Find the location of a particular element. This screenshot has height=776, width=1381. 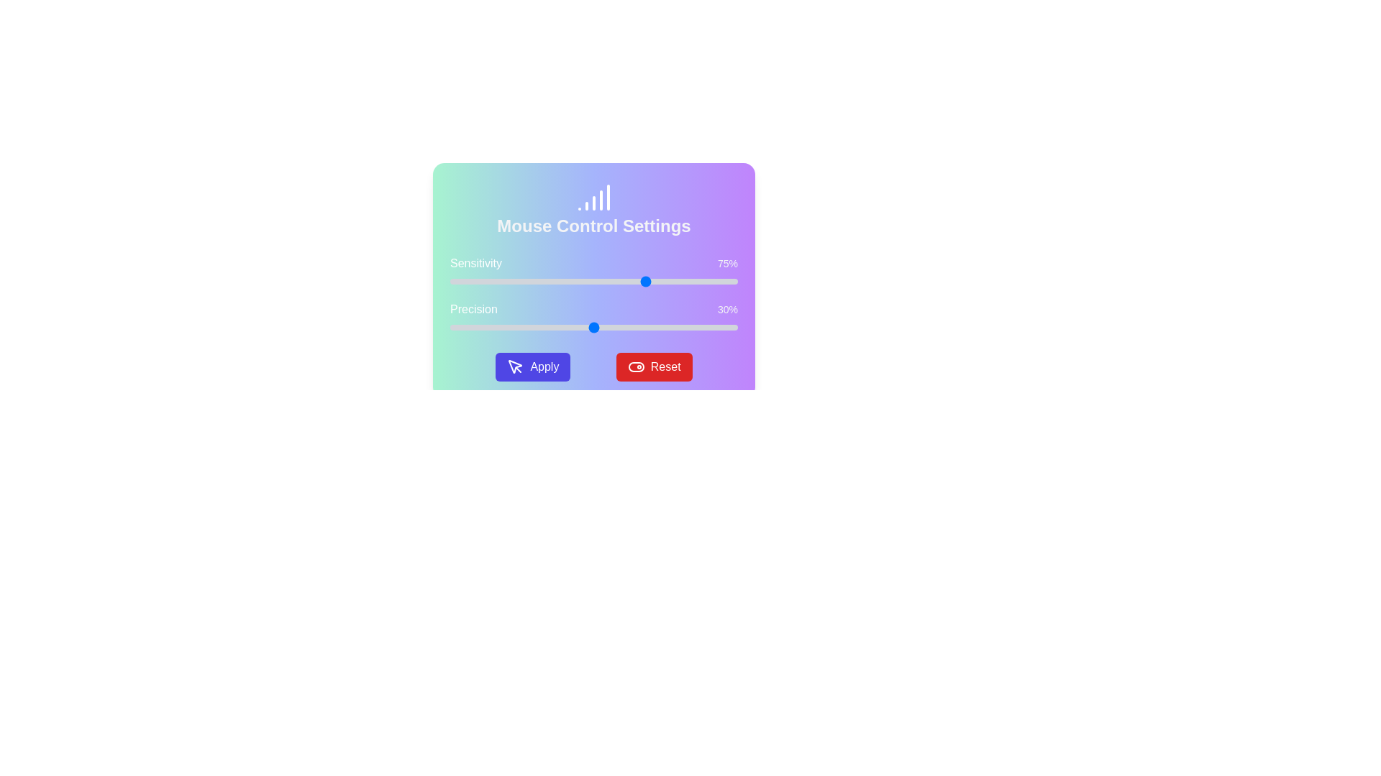

the sensitivity is located at coordinates (576, 282).